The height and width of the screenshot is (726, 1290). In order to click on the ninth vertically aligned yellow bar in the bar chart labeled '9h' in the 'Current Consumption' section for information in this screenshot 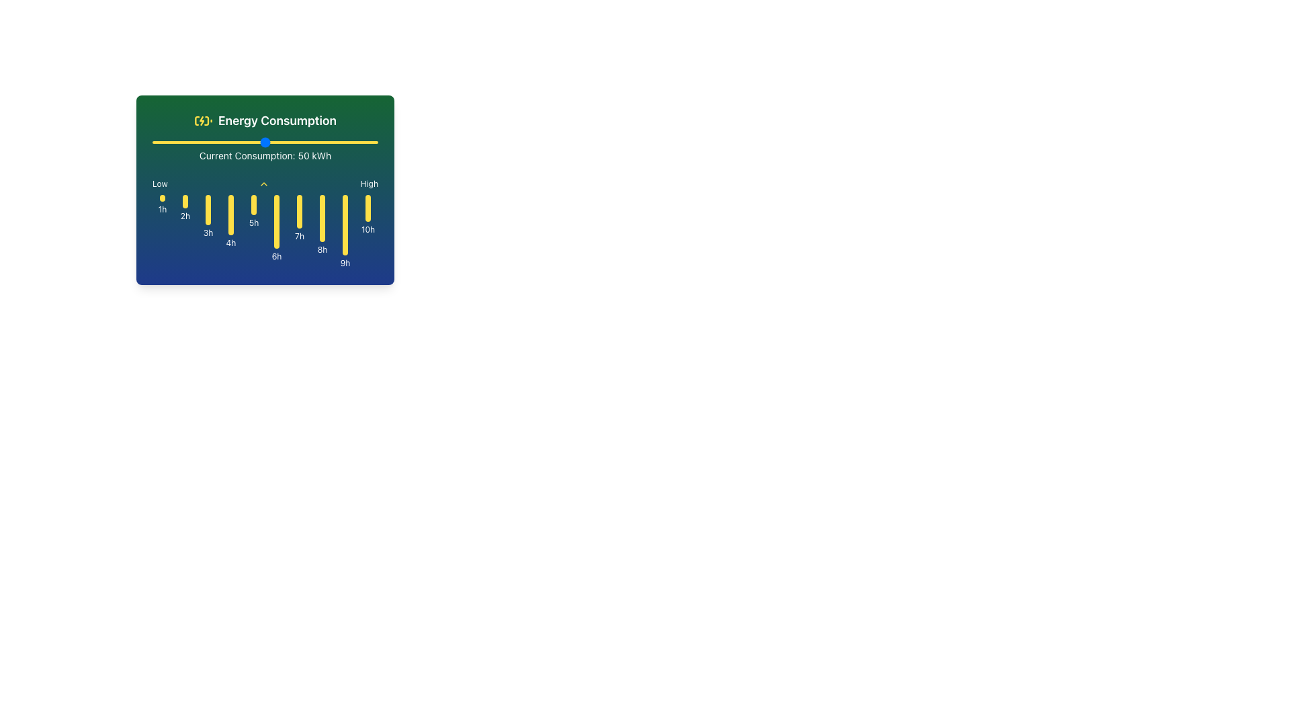, I will do `click(345, 231)`.